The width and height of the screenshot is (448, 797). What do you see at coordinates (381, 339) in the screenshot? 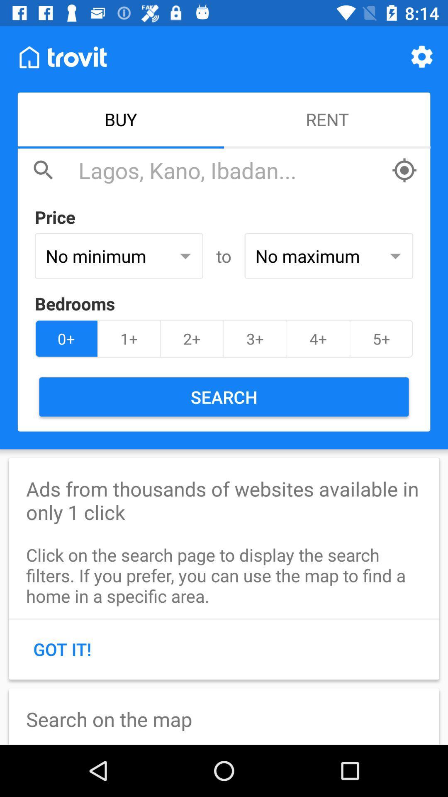
I see `the 5+ icon` at bounding box center [381, 339].